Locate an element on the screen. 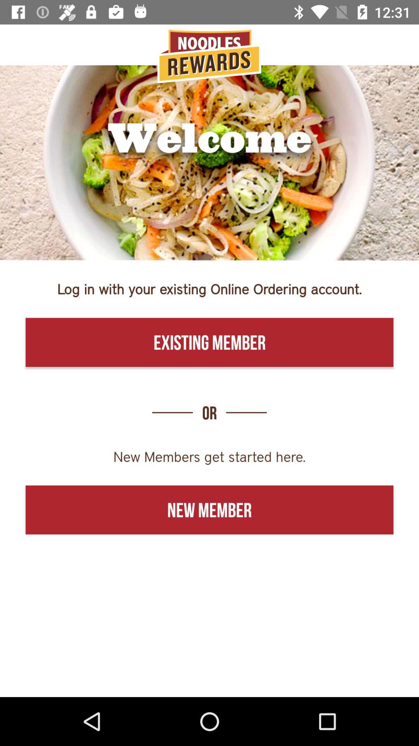  the item below log in with is located at coordinates (209, 342).